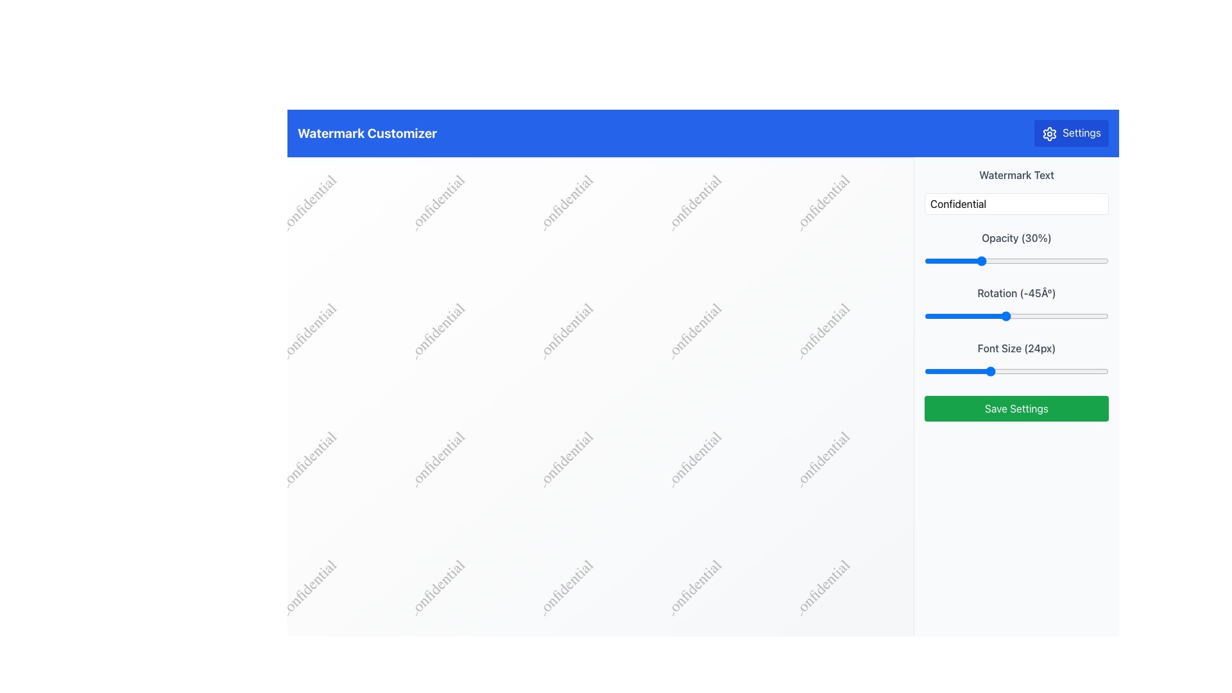 This screenshot has width=1232, height=693. I want to click on the font size, so click(929, 371).